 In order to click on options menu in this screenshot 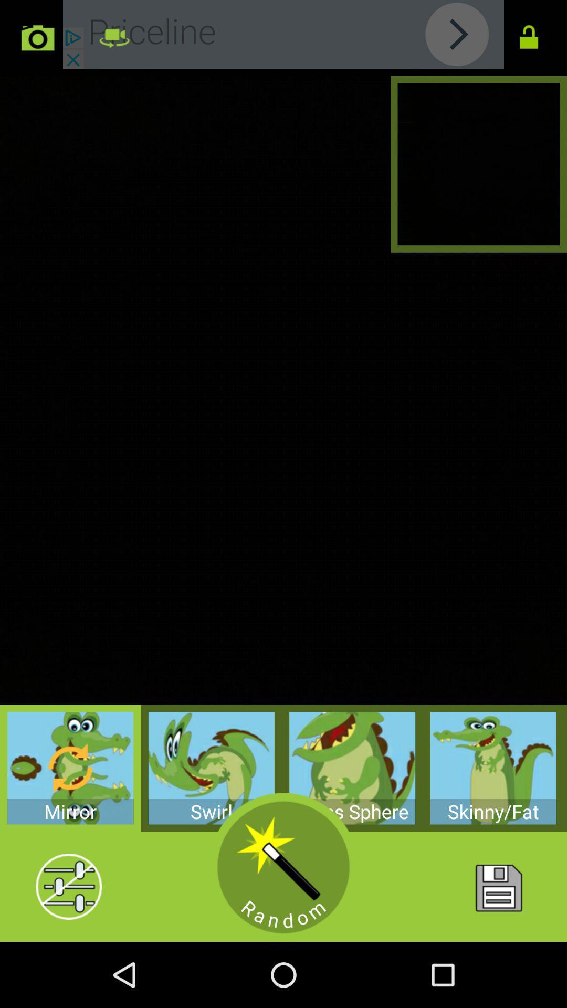, I will do `click(69, 886)`.